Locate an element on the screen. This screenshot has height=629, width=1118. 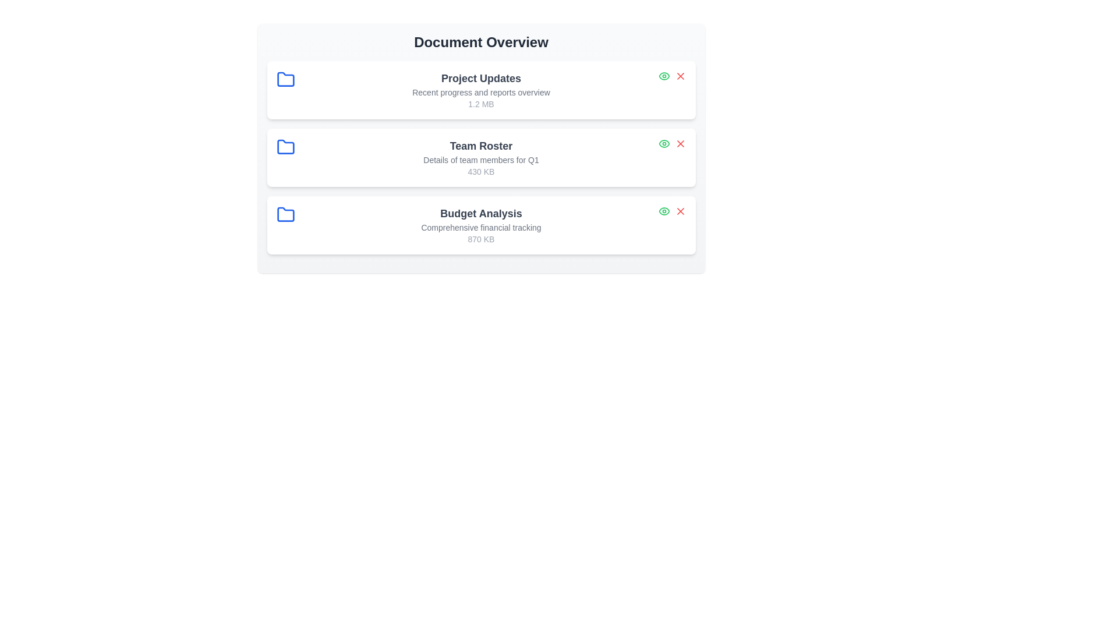
the item Team Roster to activate its hover state is located at coordinates (481, 157).